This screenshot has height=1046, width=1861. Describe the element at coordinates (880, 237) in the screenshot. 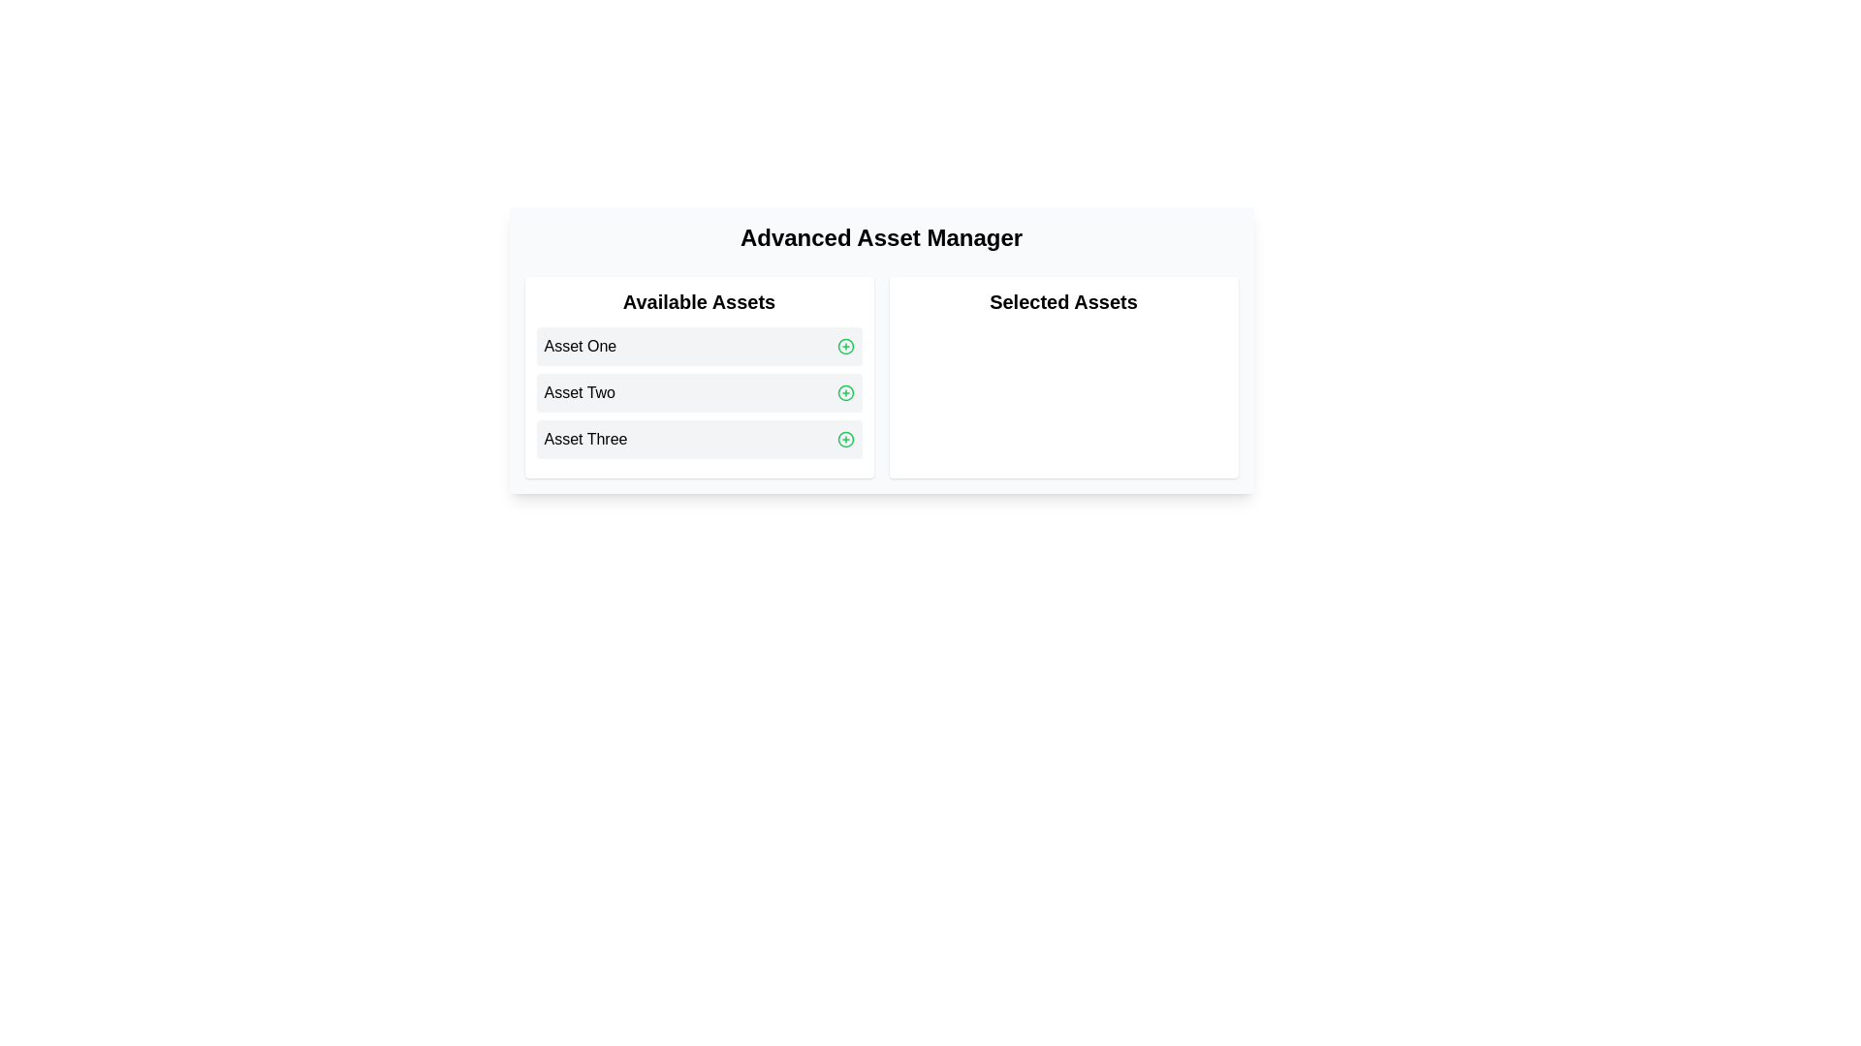

I see `header text displayed at the top of the interface, which identifies the functionality or purpose of the interface` at that location.